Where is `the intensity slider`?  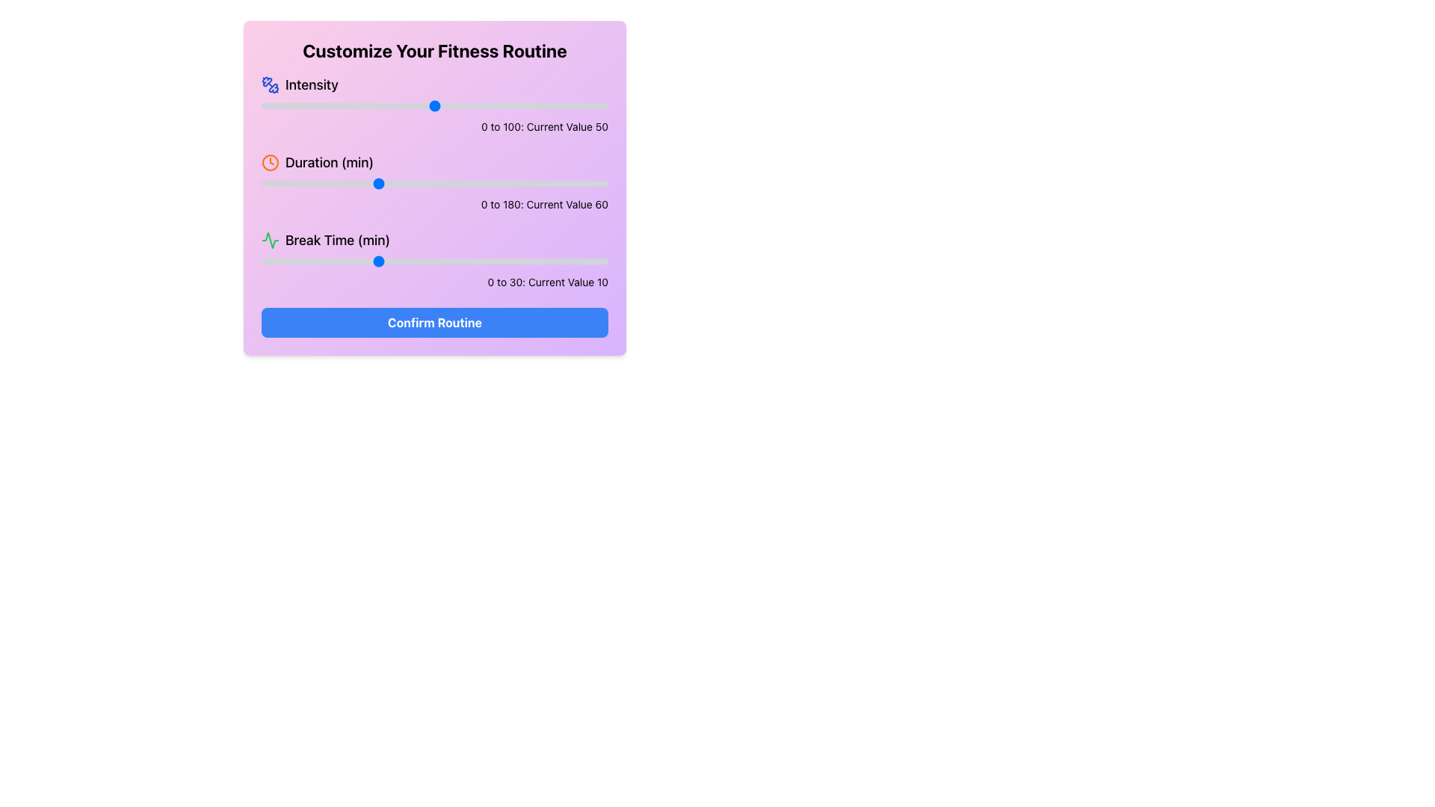 the intensity slider is located at coordinates (282, 105).